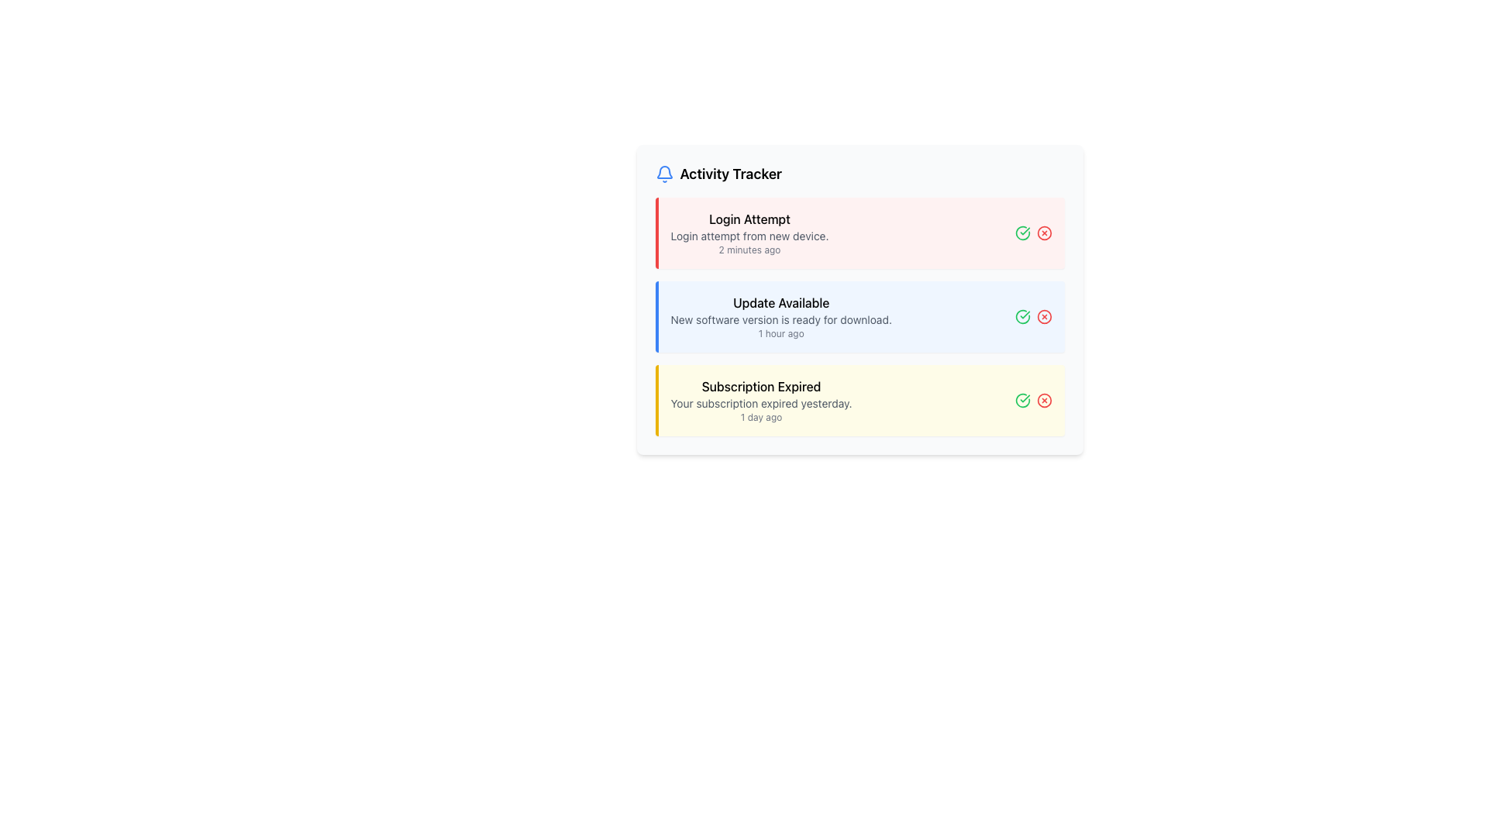  What do you see at coordinates (859, 315) in the screenshot?
I see `keyboard navigation` at bounding box center [859, 315].